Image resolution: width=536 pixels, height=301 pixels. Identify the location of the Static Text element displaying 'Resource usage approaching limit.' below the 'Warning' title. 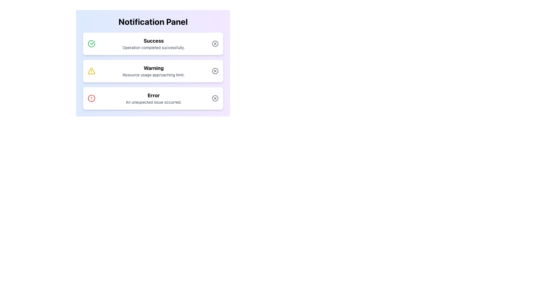
(154, 75).